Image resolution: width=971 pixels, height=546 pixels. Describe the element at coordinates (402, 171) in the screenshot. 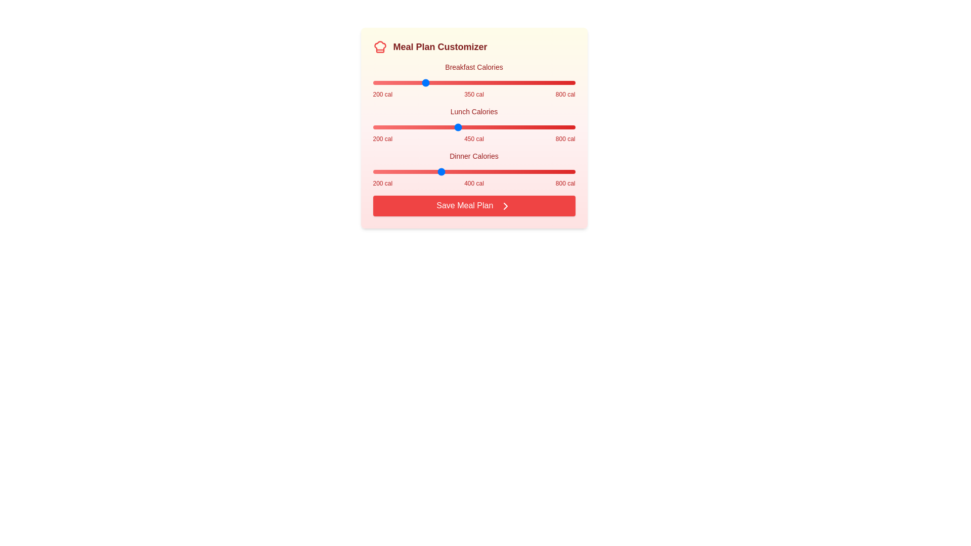

I see `the Dinner calorie slider to 287 calories` at that location.